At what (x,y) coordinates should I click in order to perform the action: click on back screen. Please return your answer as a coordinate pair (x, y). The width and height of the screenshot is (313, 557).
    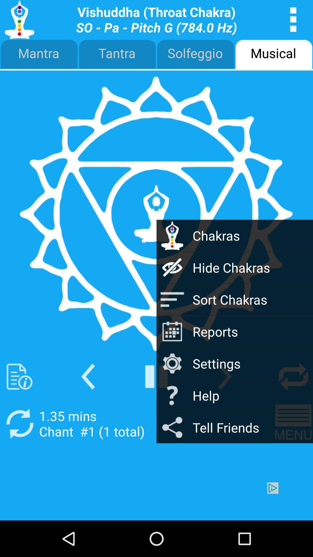
    Looking at the image, I should click on (88, 377).